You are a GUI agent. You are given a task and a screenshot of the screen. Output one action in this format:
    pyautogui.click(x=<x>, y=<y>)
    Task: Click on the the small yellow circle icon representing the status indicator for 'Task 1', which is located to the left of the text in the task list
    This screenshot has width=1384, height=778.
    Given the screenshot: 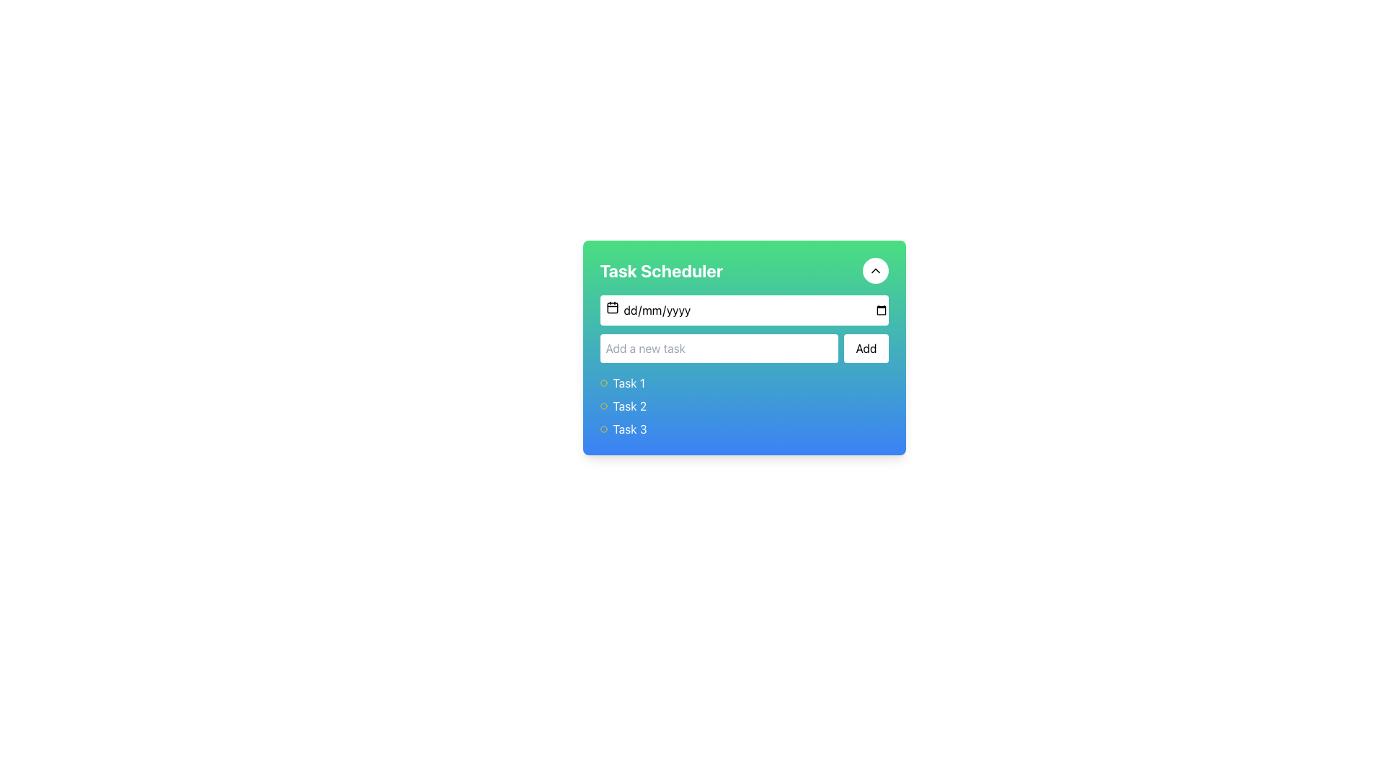 What is the action you would take?
    pyautogui.click(x=603, y=383)
    